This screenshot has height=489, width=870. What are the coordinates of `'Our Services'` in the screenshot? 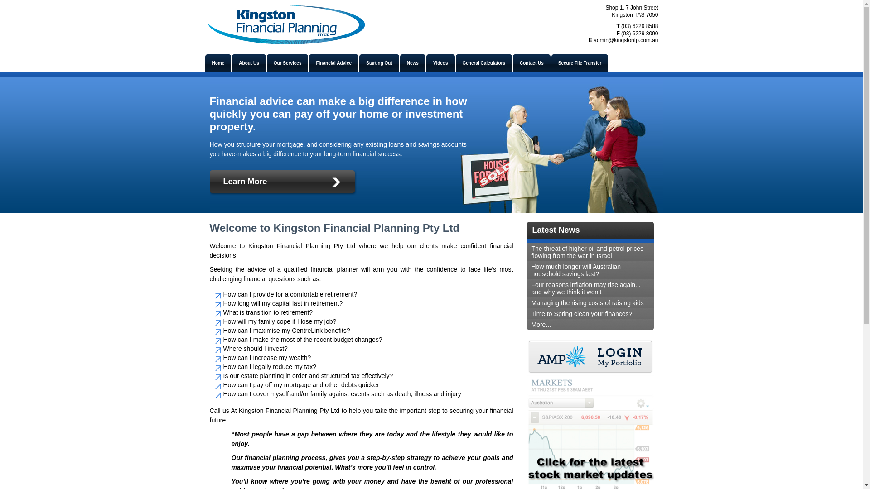 It's located at (266, 62).